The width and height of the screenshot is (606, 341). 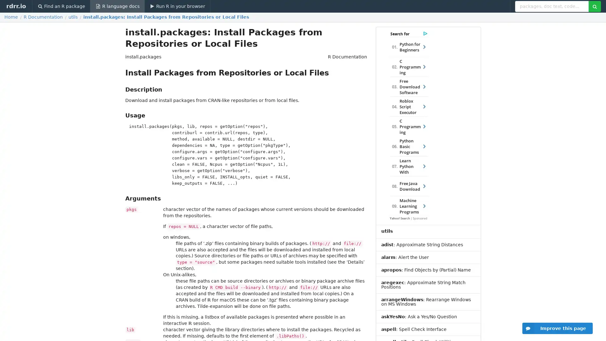 What do you see at coordinates (557, 328) in the screenshot?
I see `Improve this page` at bounding box center [557, 328].